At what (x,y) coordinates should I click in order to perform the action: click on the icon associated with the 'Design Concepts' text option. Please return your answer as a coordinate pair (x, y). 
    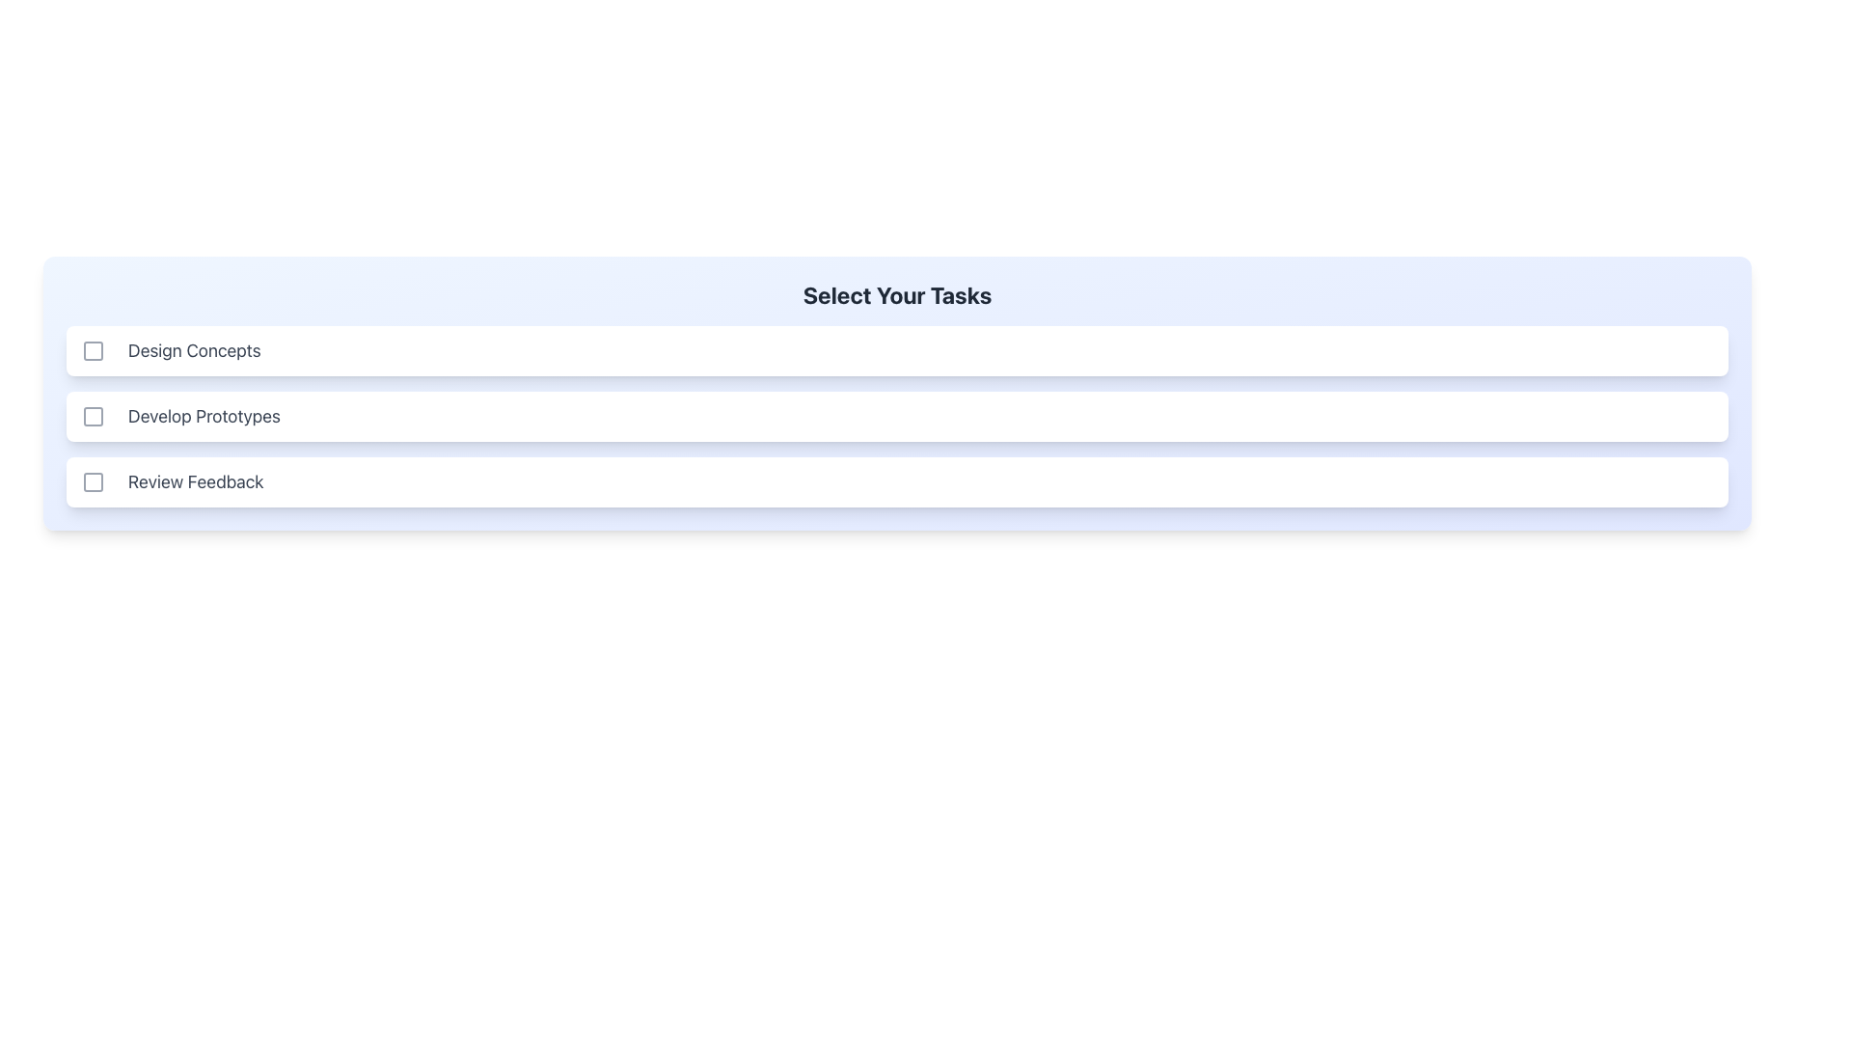
    Looking at the image, I should click on (92, 350).